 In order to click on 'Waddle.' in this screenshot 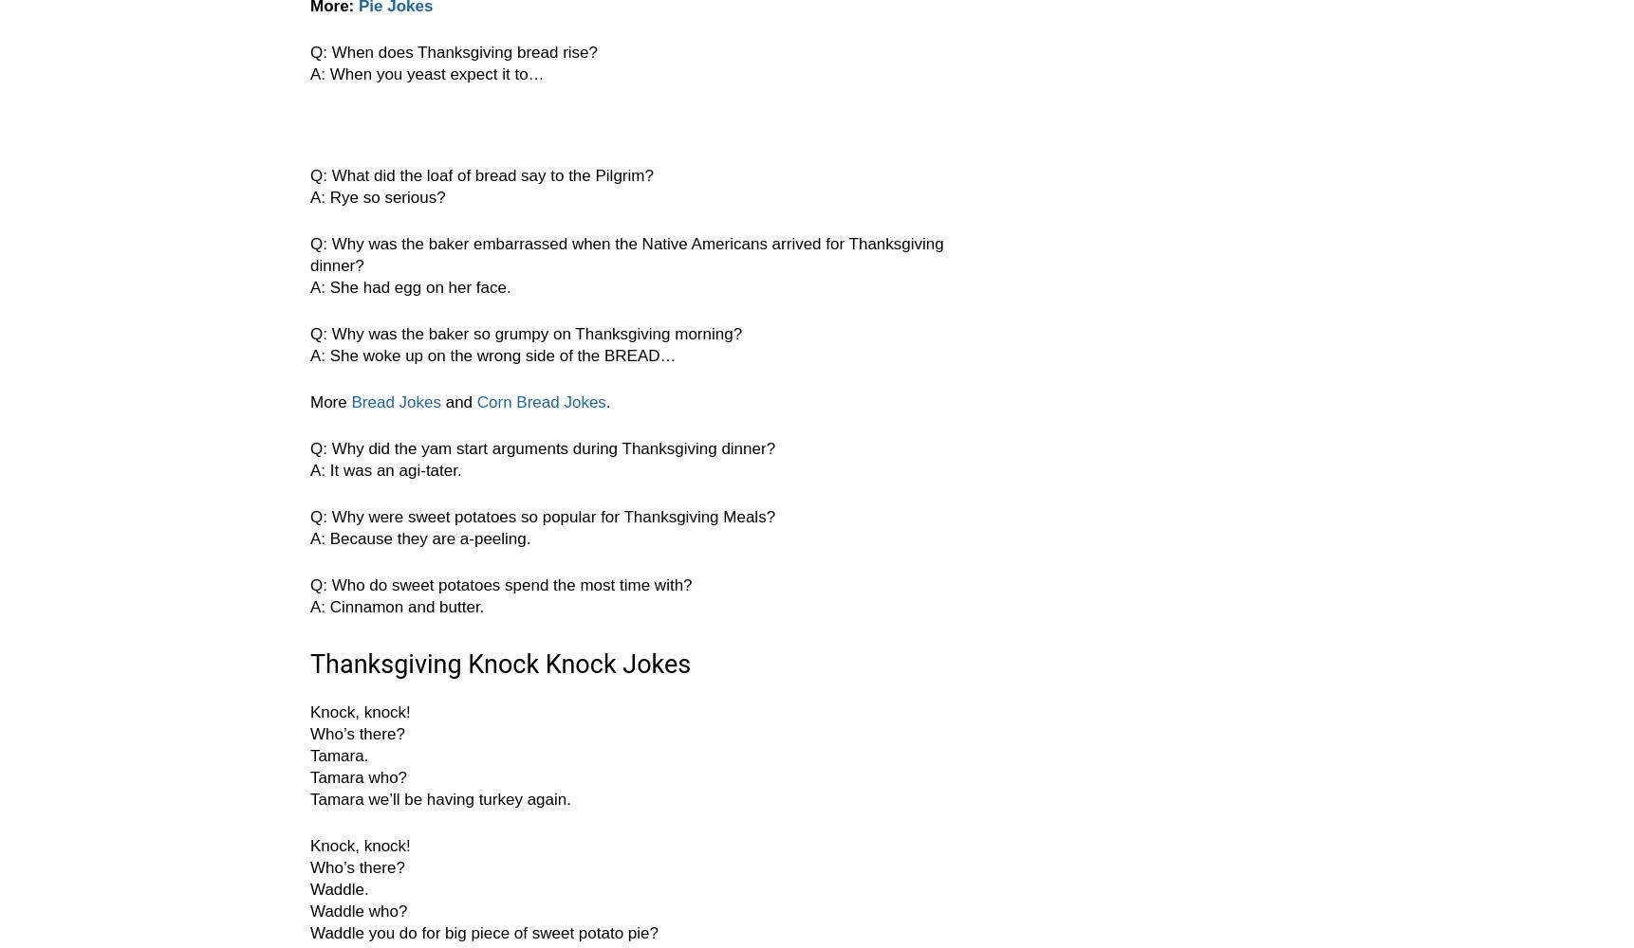, I will do `click(338, 889)`.